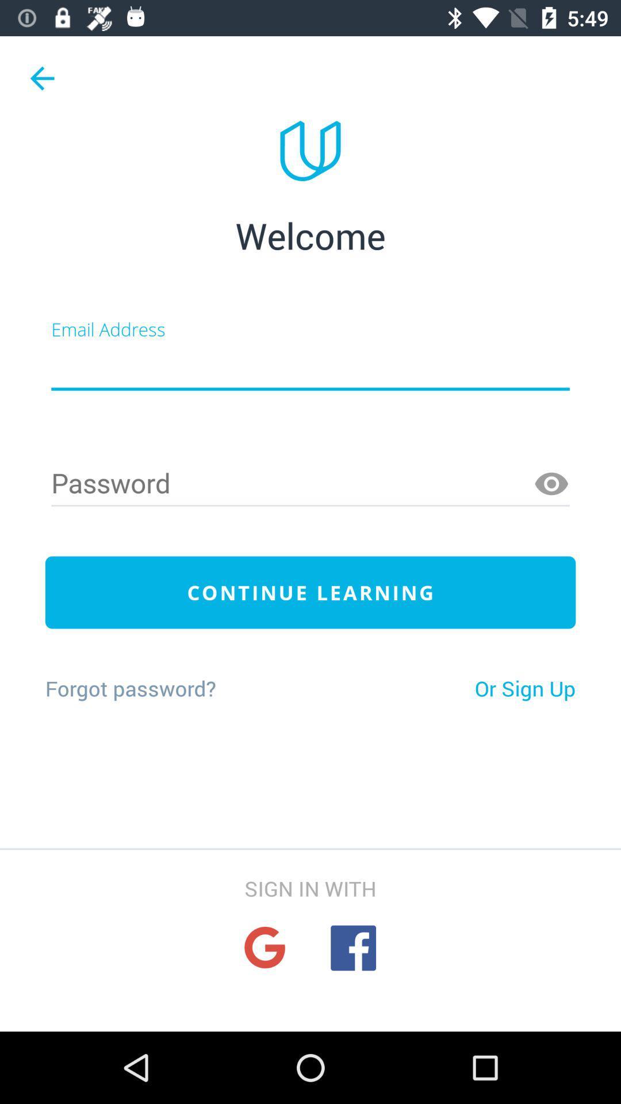 Image resolution: width=621 pixels, height=1104 pixels. What do you see at coordinates (264, 948) in the screenshot?
I see `sign in with google` at bounding box center [264, 948].